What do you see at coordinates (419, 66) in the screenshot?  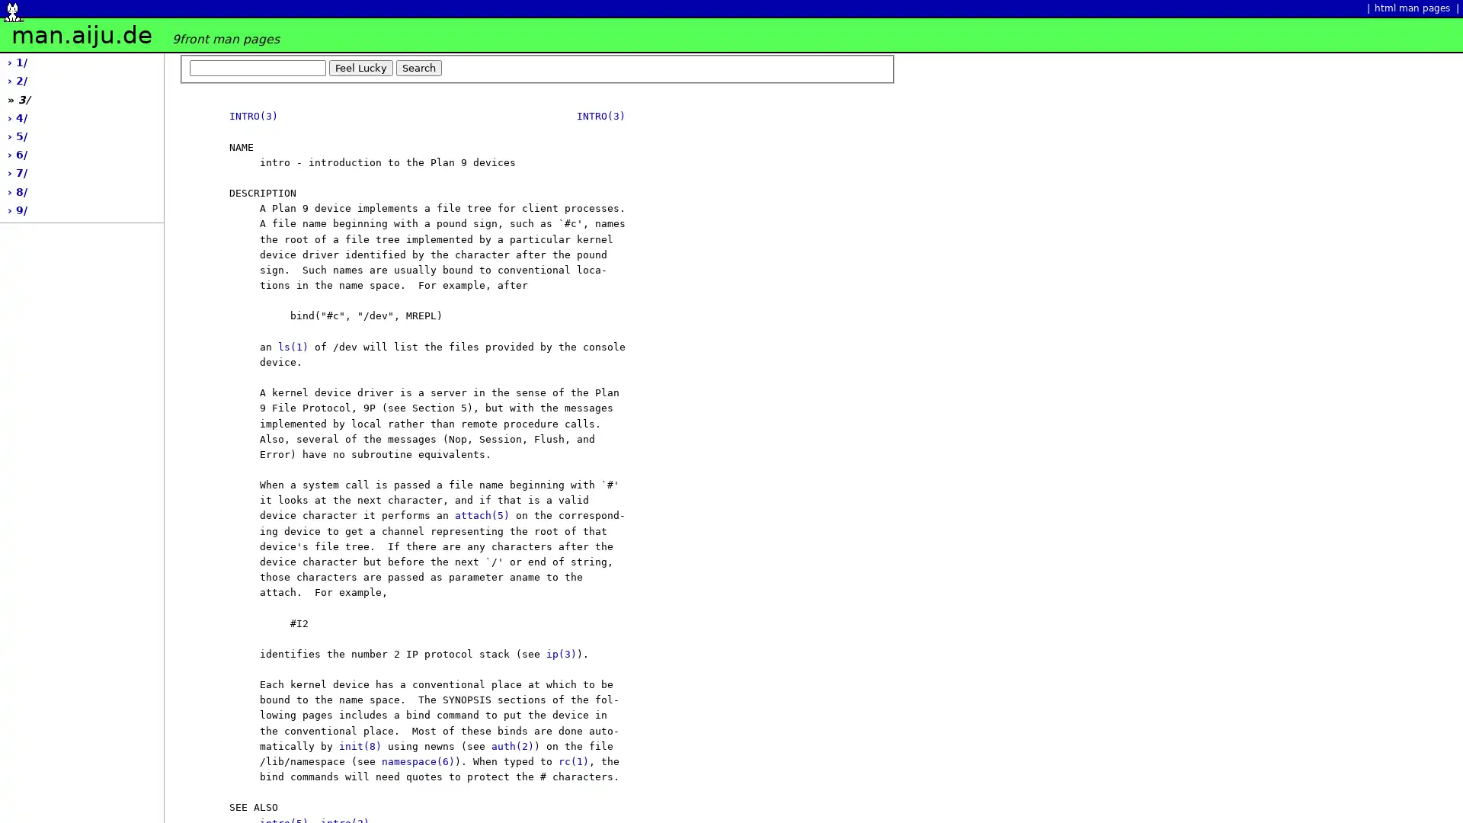 I see `Search` at bounding box center [419, 66].